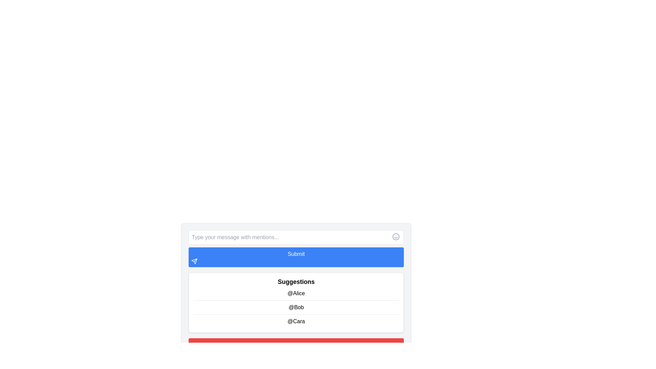 The width and height of the screenshot is (656, 369). What do you see at coordinates (296, 257) in the screenshot?
I see `the submission button located below the input text field with the placeholder 'Type your message with mentions...'` at bounding box center [296, 257].